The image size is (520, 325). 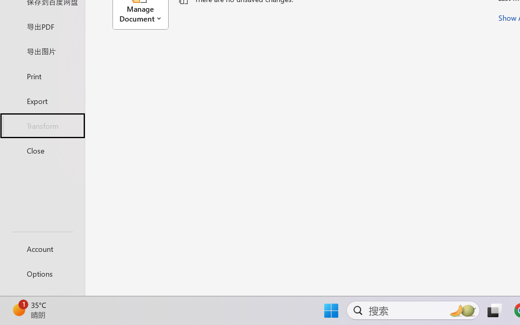 What do you see at coordinates (42, 76) in the screenshot?
I see `'Print'` at bounding box center [42, 76].